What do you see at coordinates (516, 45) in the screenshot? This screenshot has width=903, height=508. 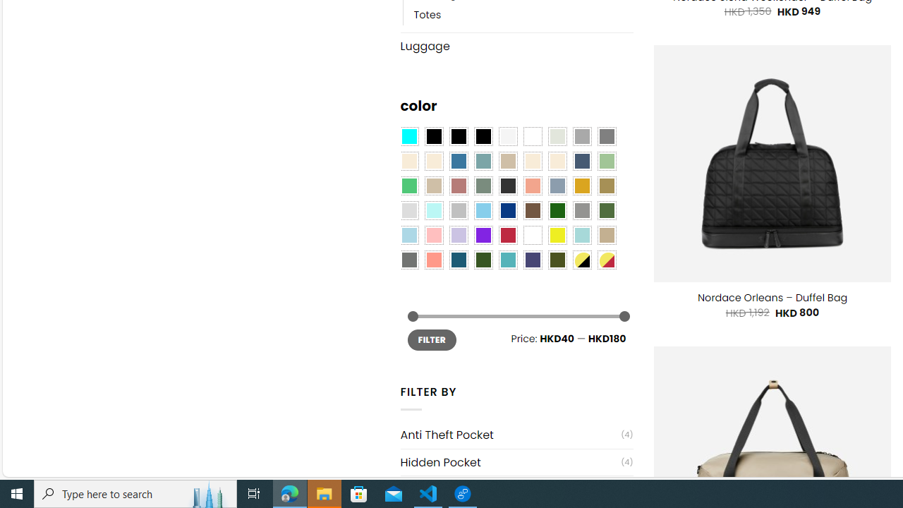 I see `'Luggage'` at bounding box center [516, 45].